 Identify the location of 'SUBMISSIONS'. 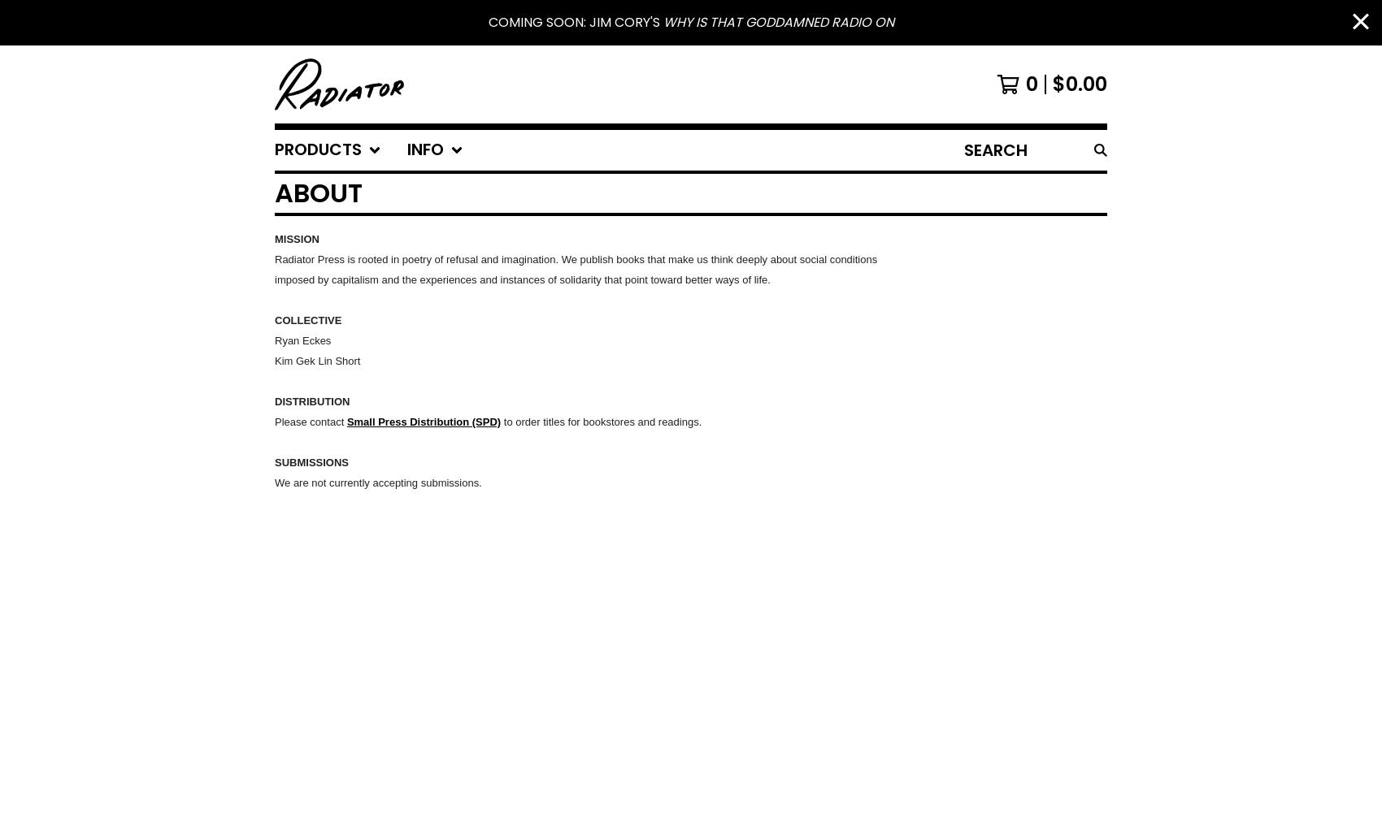
(311, 462).